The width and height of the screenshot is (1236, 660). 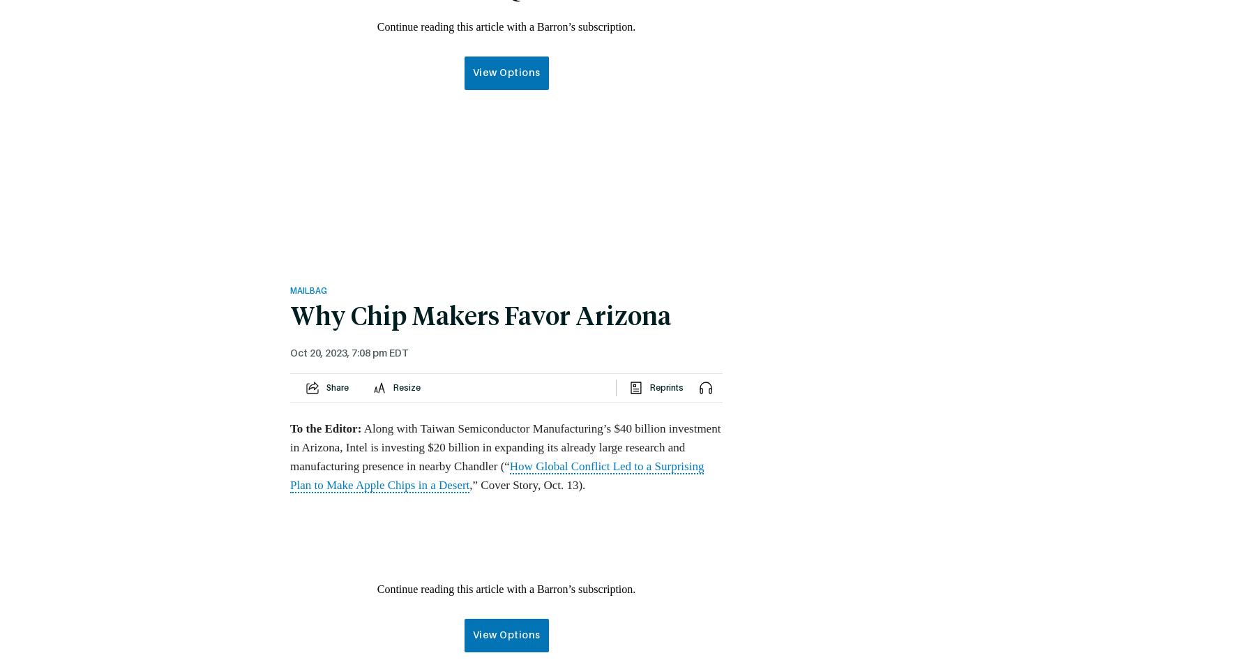 What do you see at coordinates (324, 428) in the screenshot?
I see `'To the Editor:'` at bounding box center [324, 428].